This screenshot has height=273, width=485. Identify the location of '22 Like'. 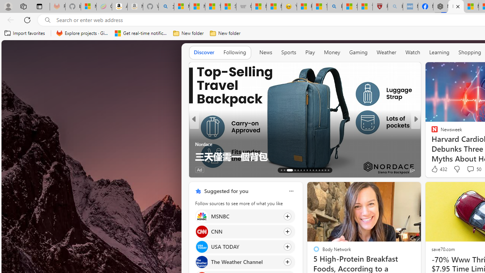
(435, 169).